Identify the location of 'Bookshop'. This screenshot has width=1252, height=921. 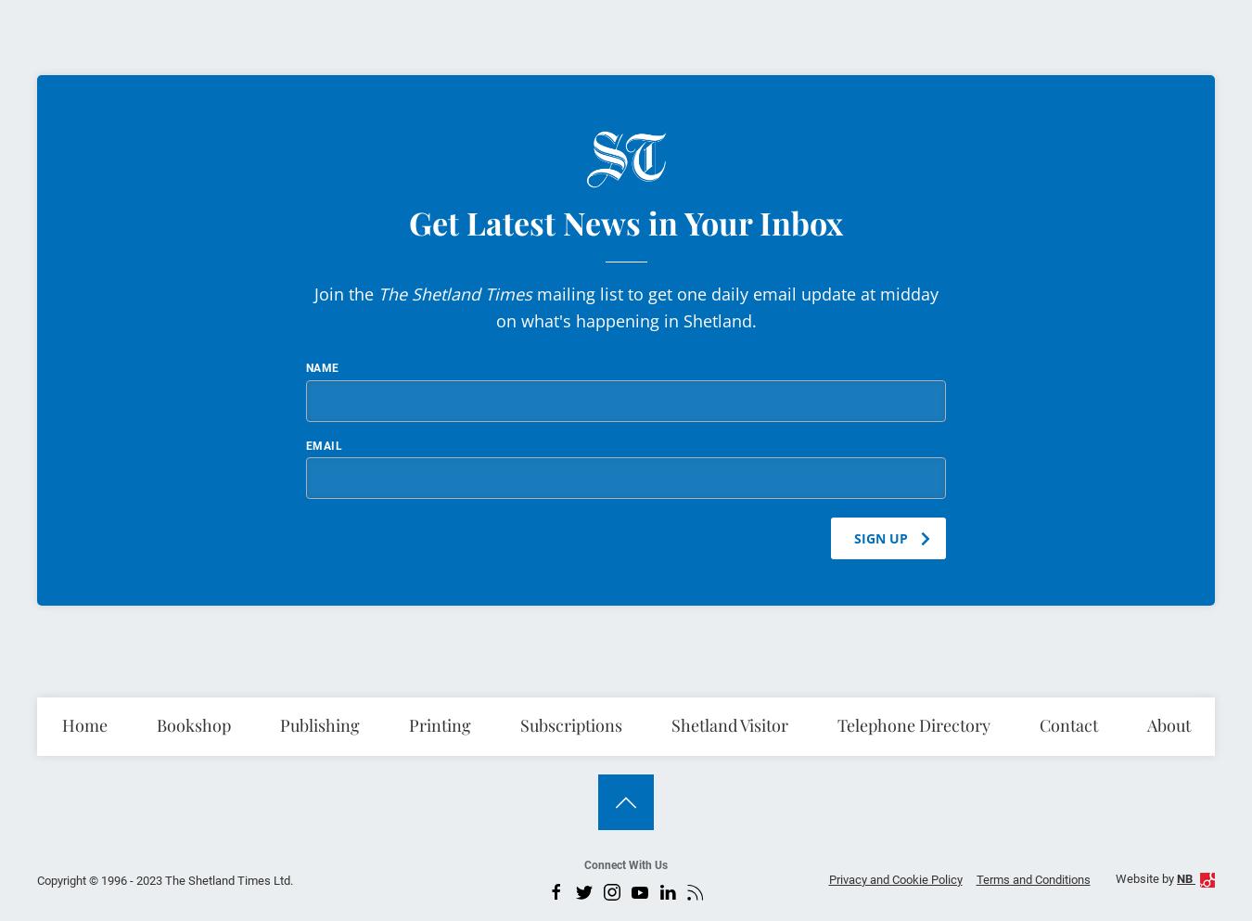
(193, 723).